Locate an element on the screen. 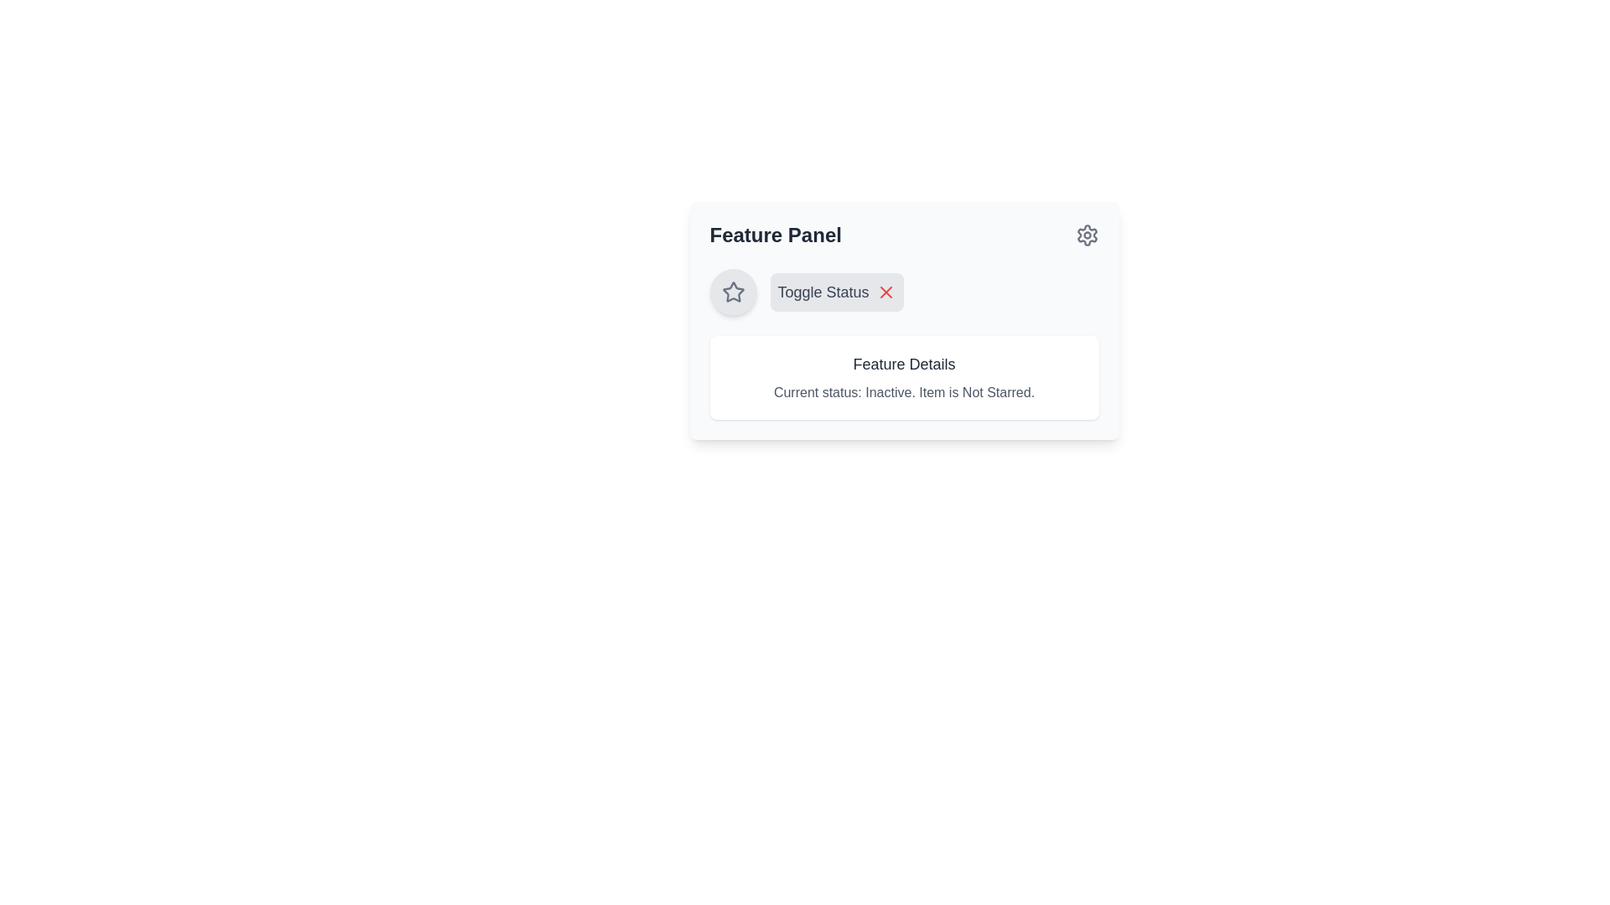 This screenshot has height=905, width=1610. the hollow gray star icon located within the circular button at the top left of the 'Feature Panel', adjacent to the 'Toggle Status' label is located at coordinates (733, 291).